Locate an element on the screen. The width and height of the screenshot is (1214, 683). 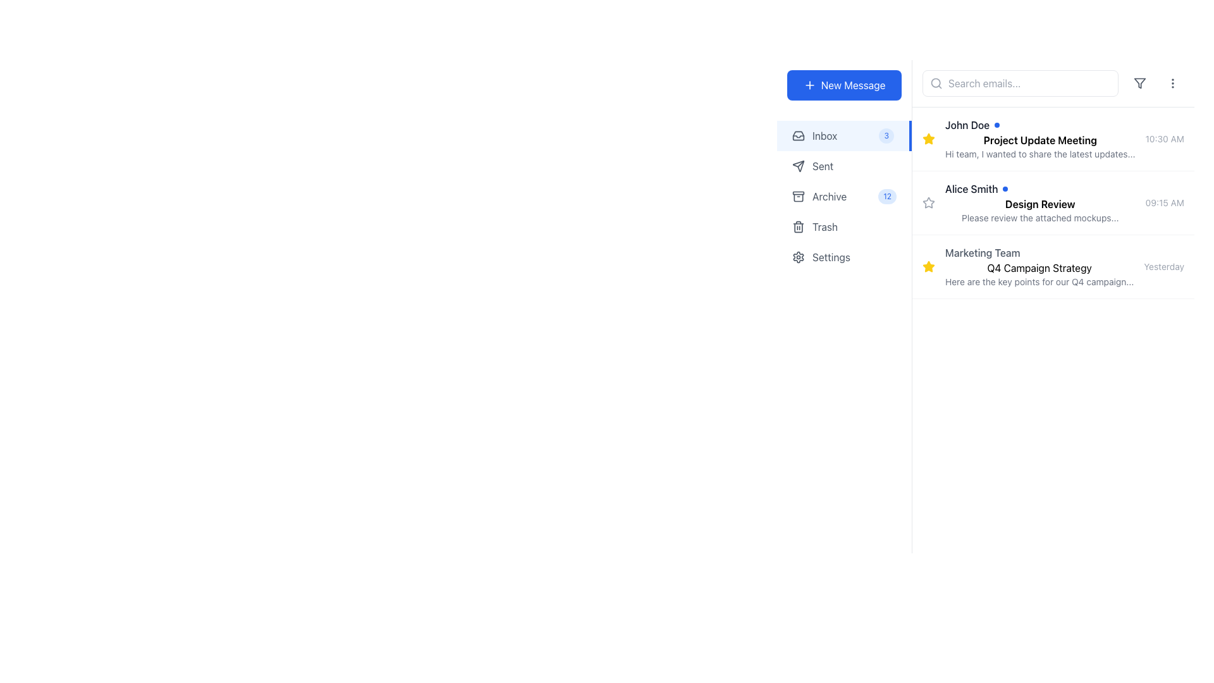
the text label that reads '10:30 AM', which is a small, gray text located in the top-right corner of the email item, adjacent to the title and sender information is located at coordinates (1164, 138).